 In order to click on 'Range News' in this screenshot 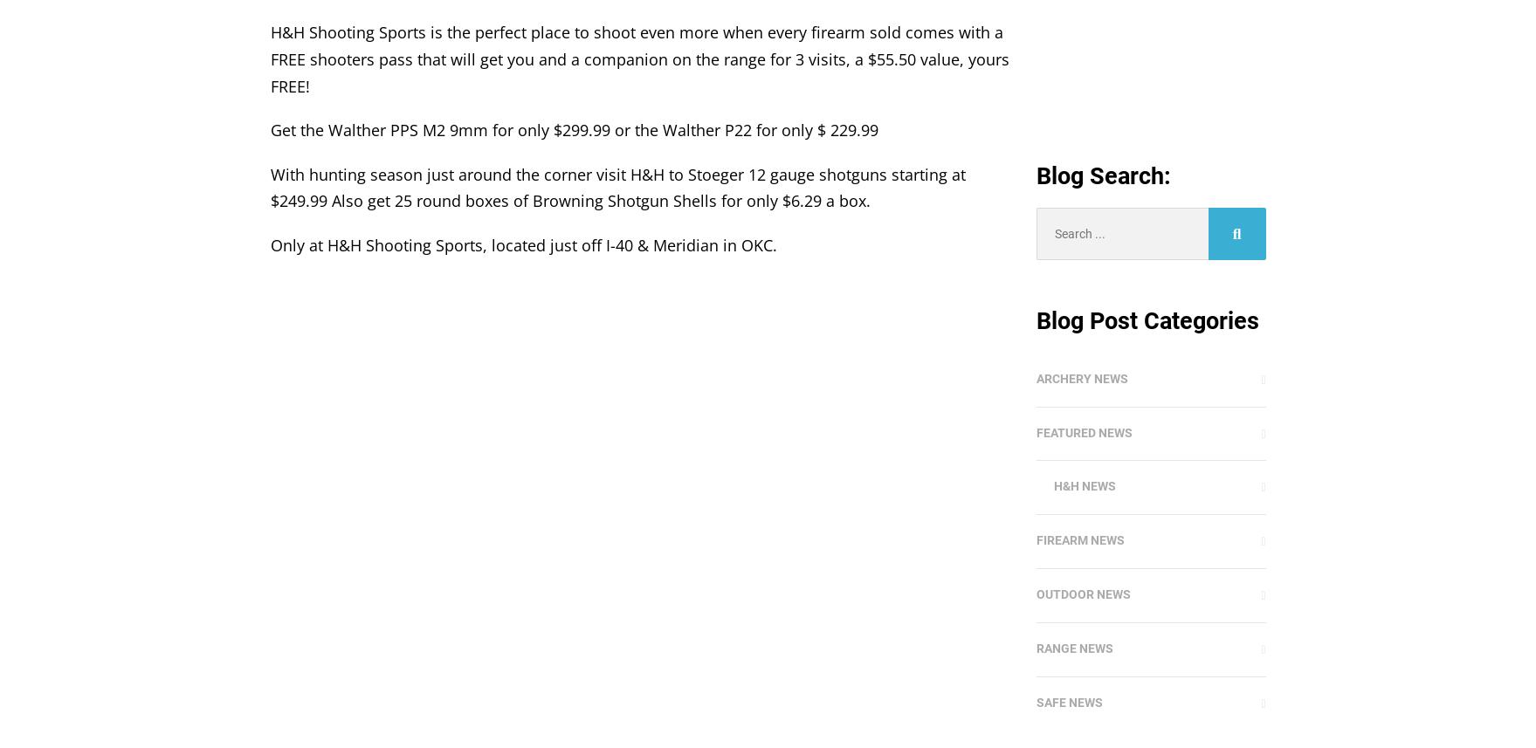, I will do `click(1074, 646)`.